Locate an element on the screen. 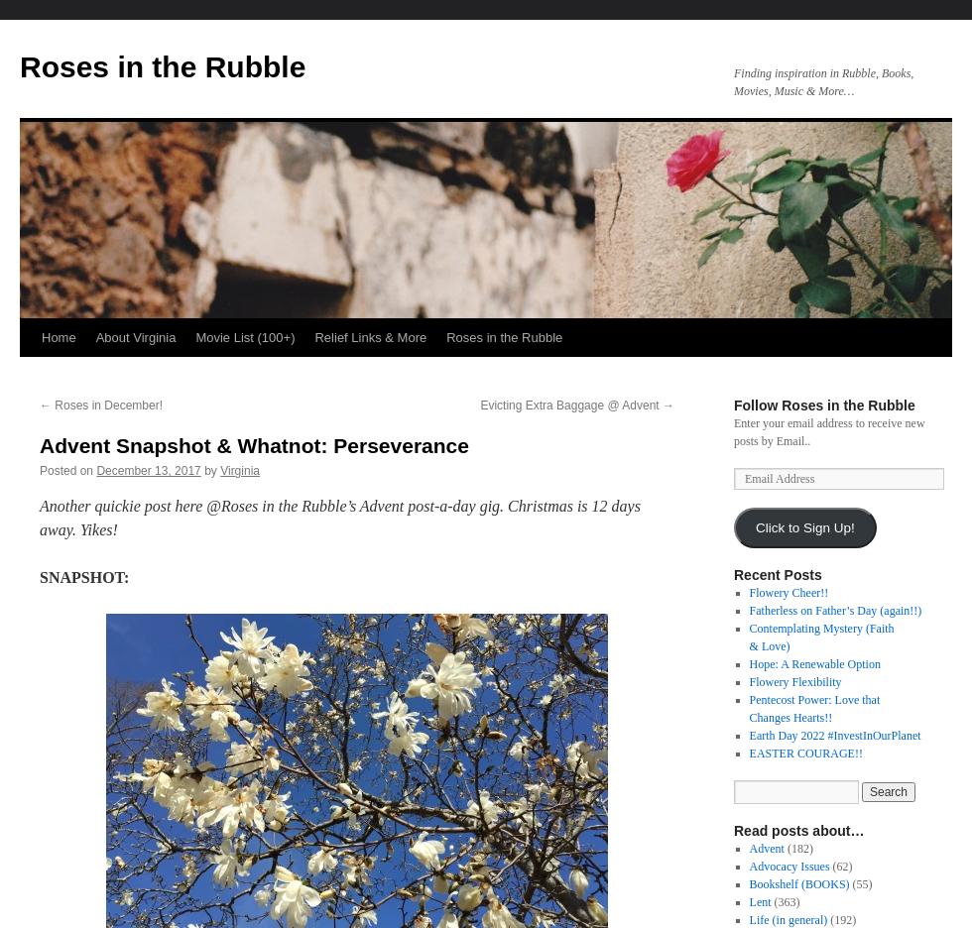 This screenshot has width=972, height=928. '(55)' is located at coordinates (860, 883).